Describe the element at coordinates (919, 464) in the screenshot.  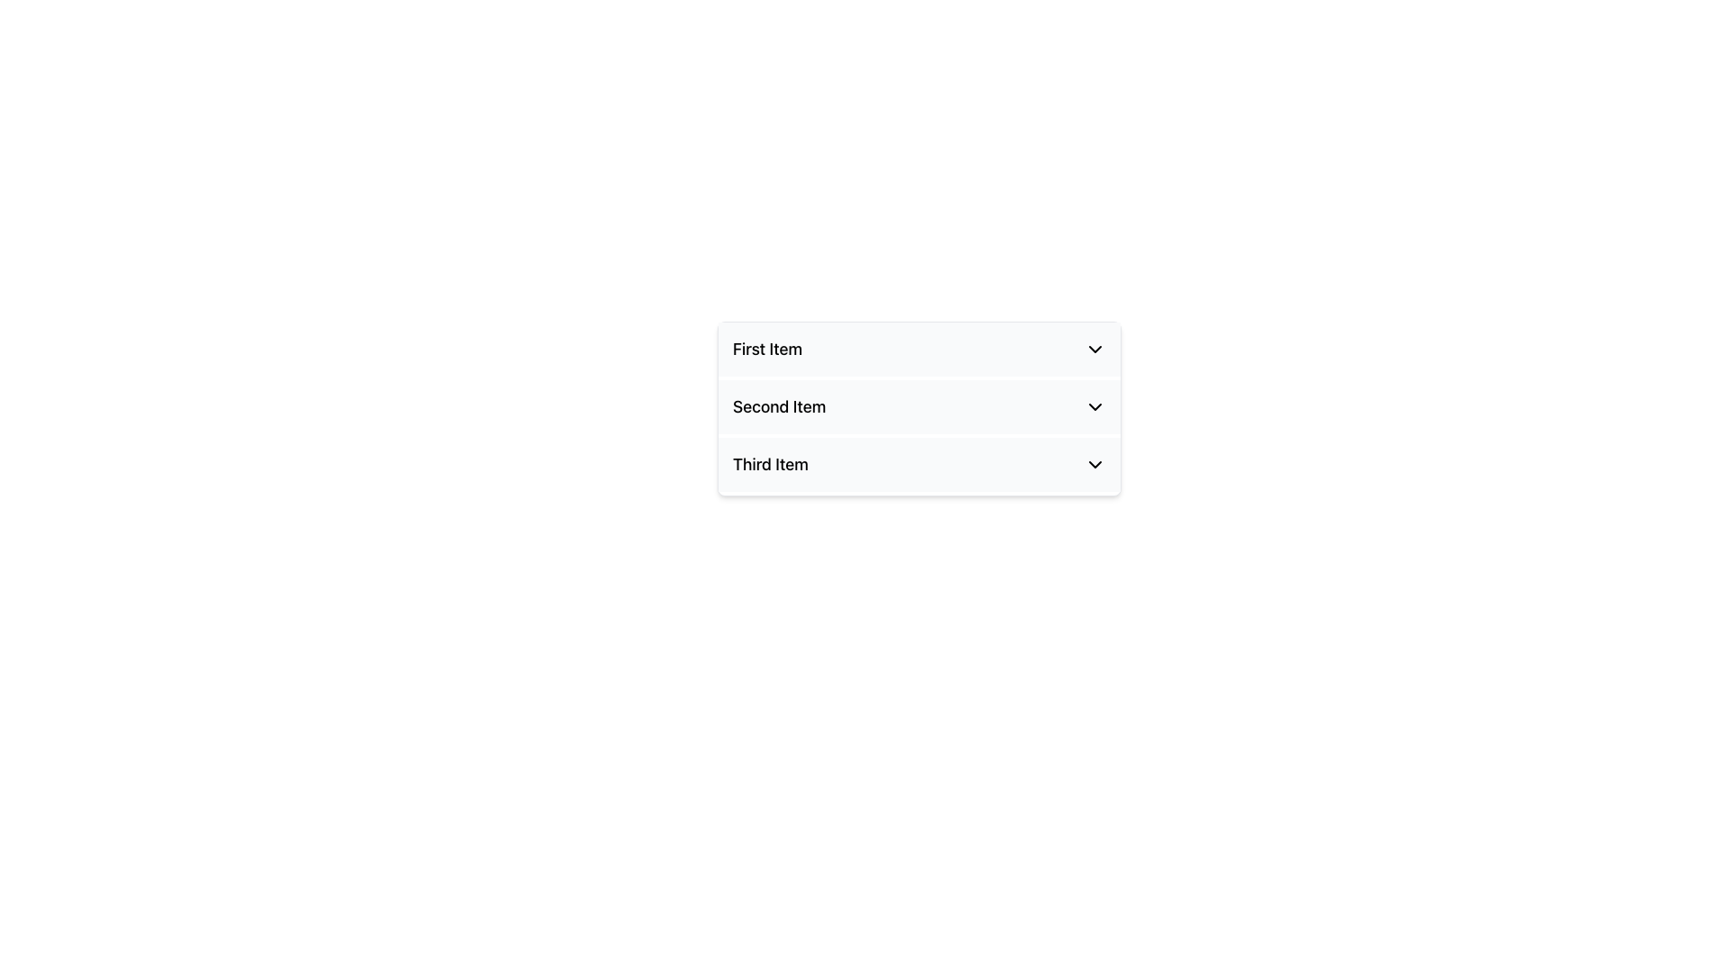
I see `the List Item labeled 'Third Item'` at that location.